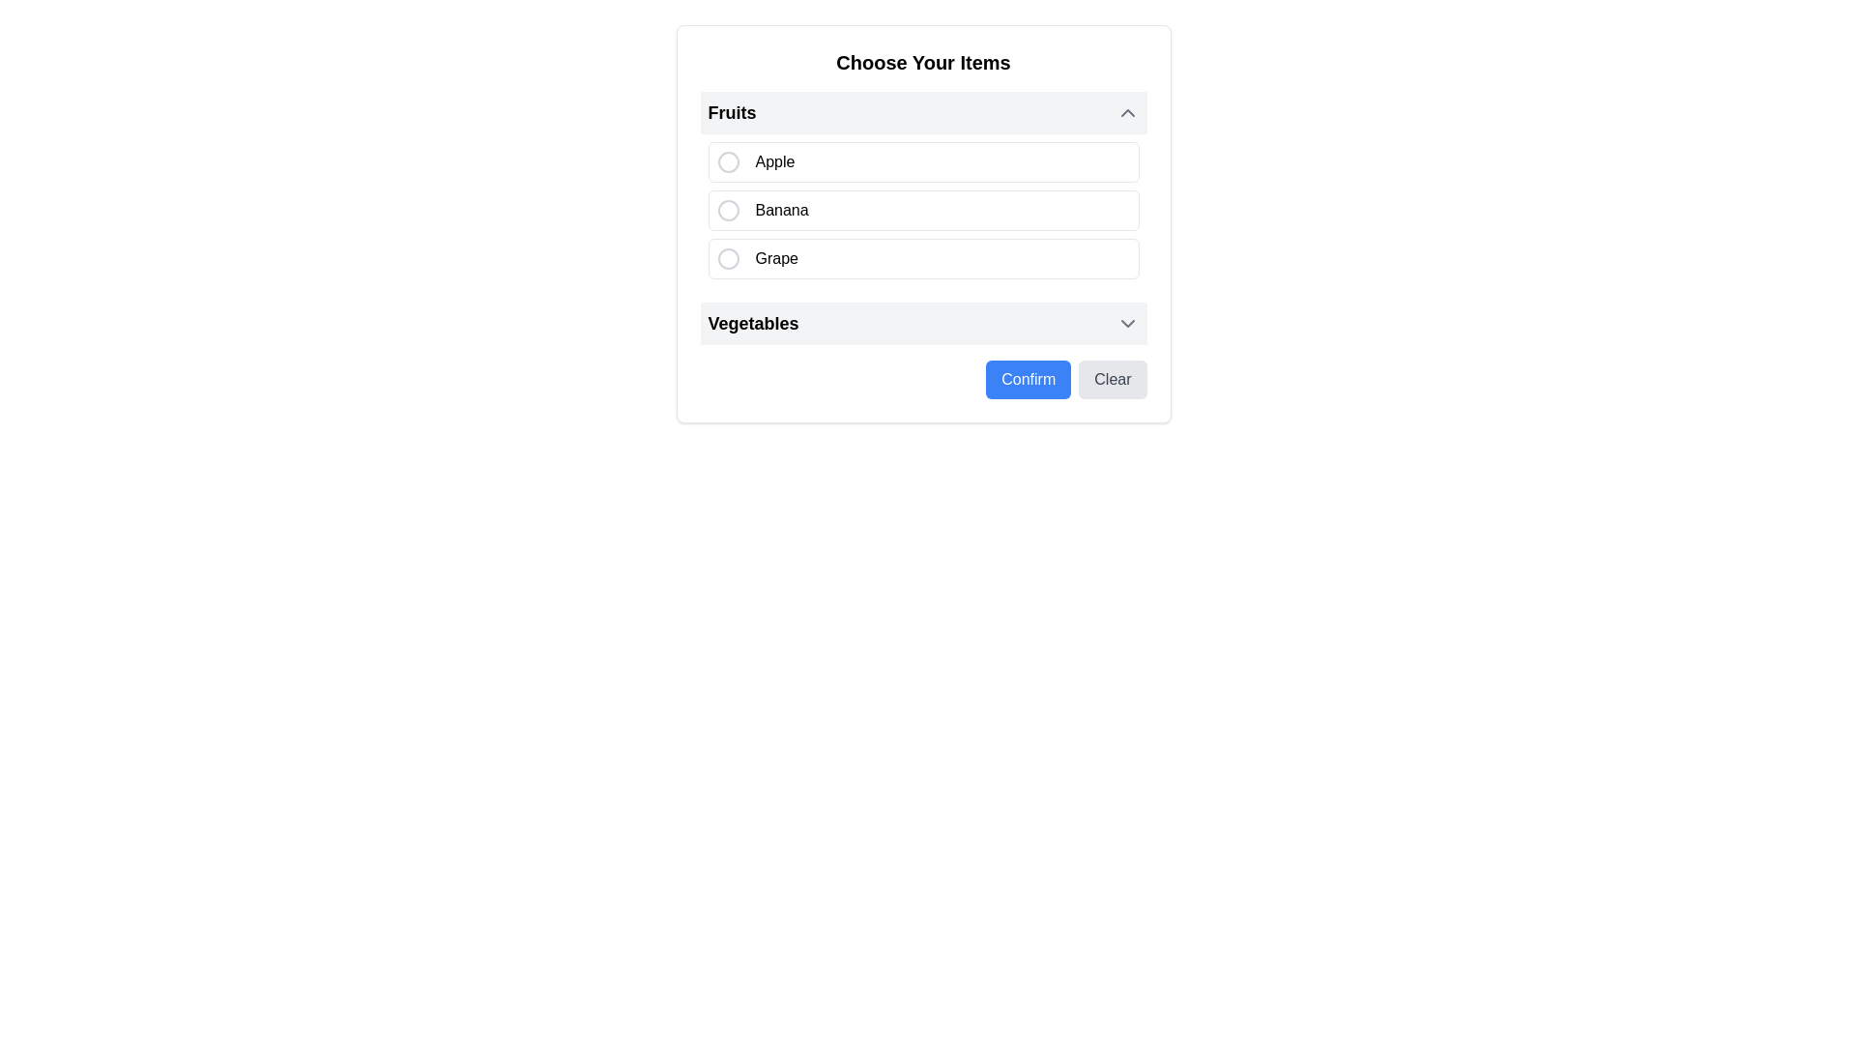 The image size is (1856, 1044). Describe the element at coordinates (922, 211) in the screenshot. I see `the 'Banana' radio button in the vertical stack of selectable items labeled 'Apple', 'Banana', and 'Grape' within the 'Fruits' section` at that location.